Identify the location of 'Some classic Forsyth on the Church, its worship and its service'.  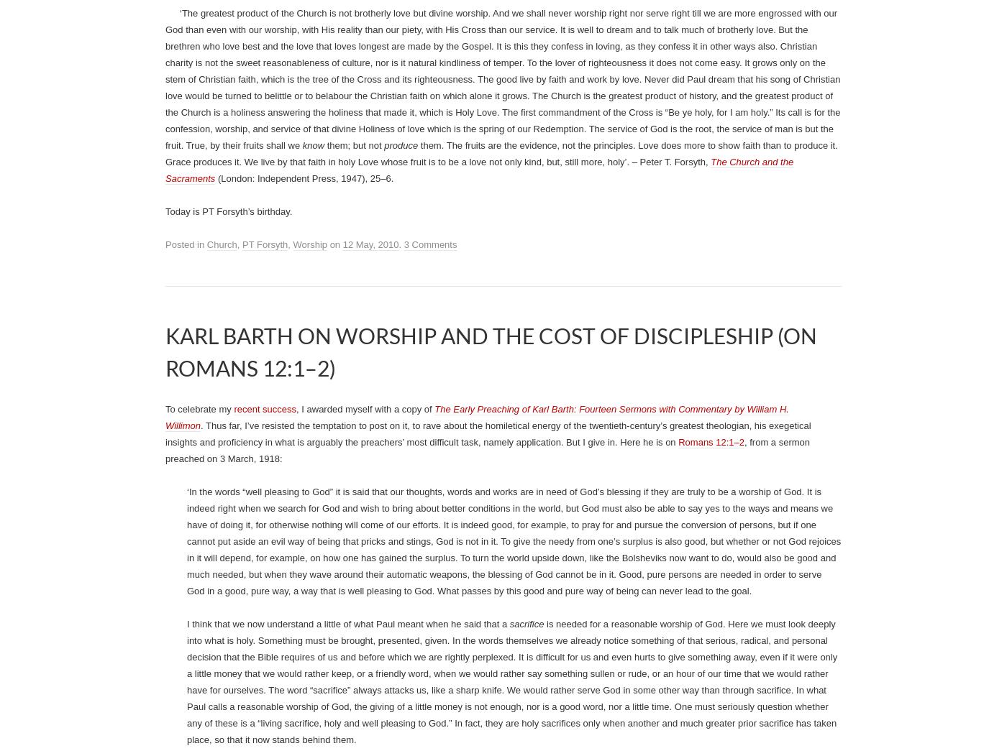
(480, 507).